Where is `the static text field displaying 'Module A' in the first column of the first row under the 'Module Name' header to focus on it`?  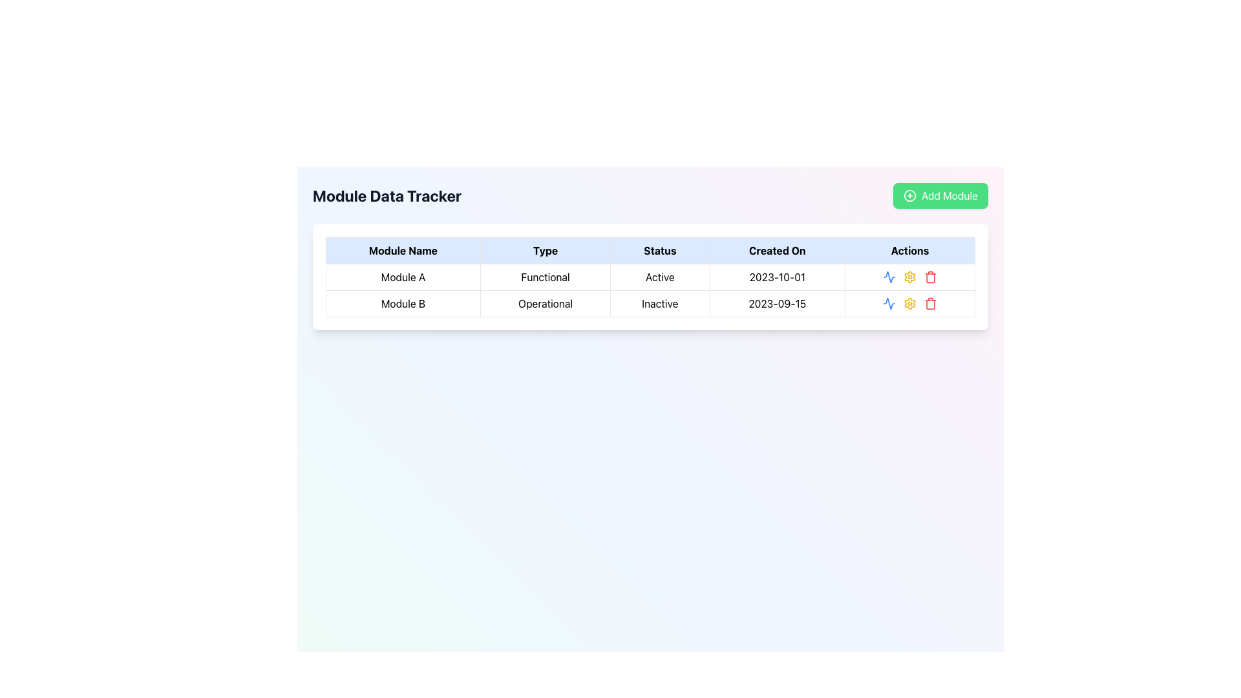 the static text field displaying 'Module A' in the first column of the first row under the 'Module Name' header to focus on it is located at coordinates (403, 276).